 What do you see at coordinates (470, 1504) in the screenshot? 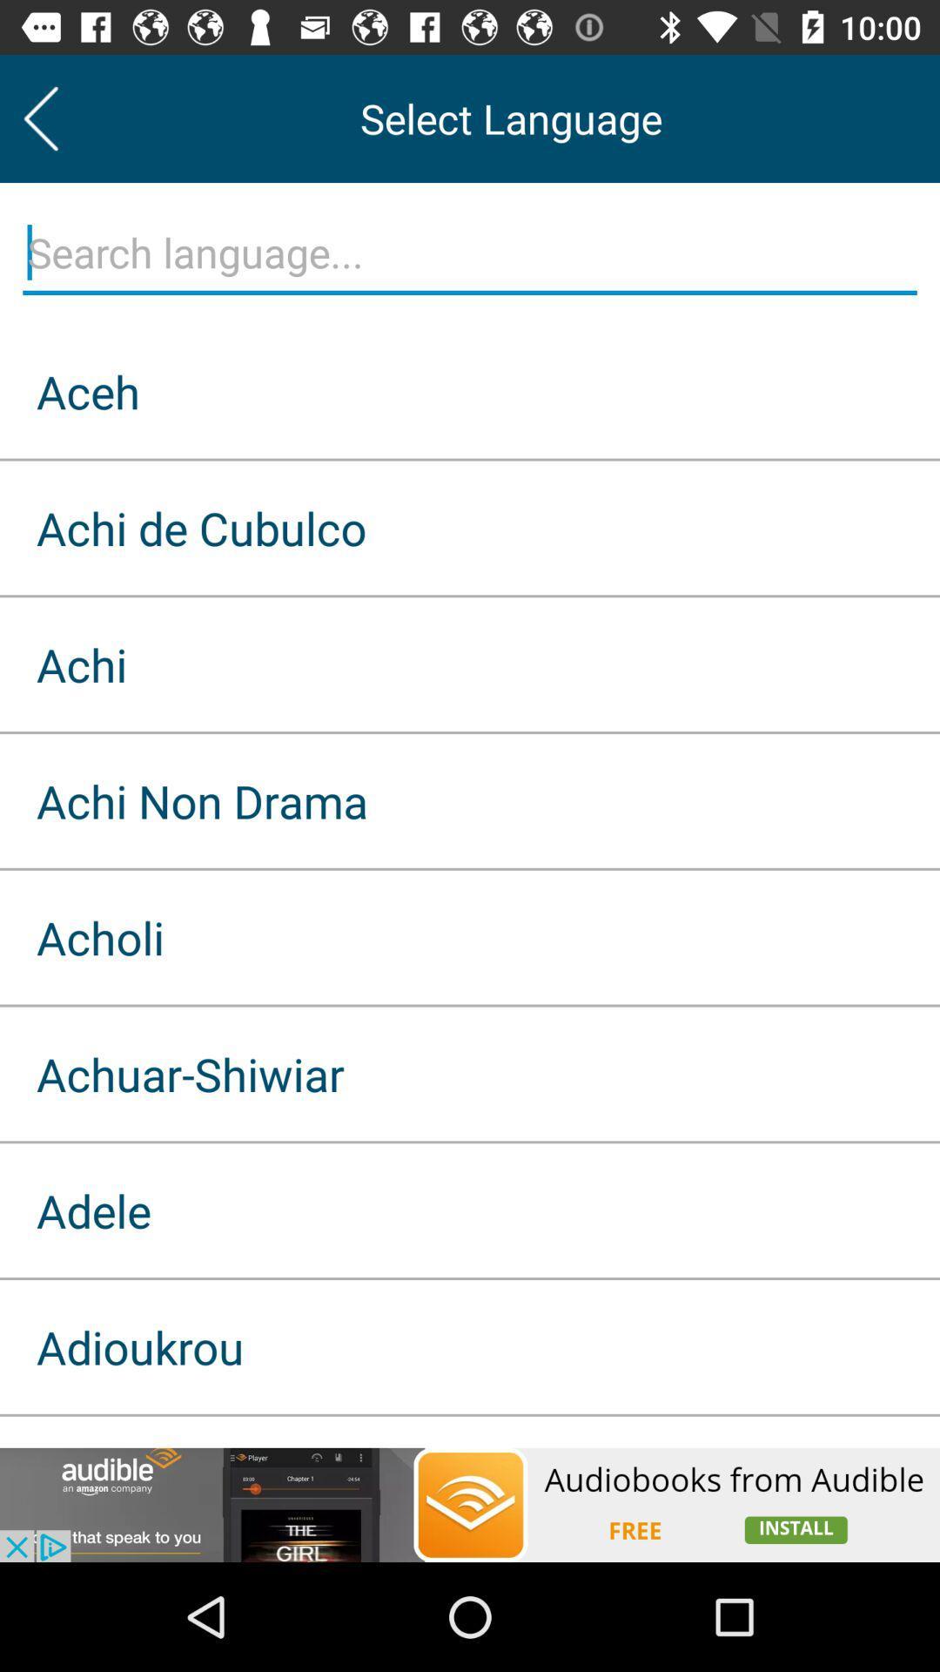
I see `audible` at bounding box center [470, 1504].